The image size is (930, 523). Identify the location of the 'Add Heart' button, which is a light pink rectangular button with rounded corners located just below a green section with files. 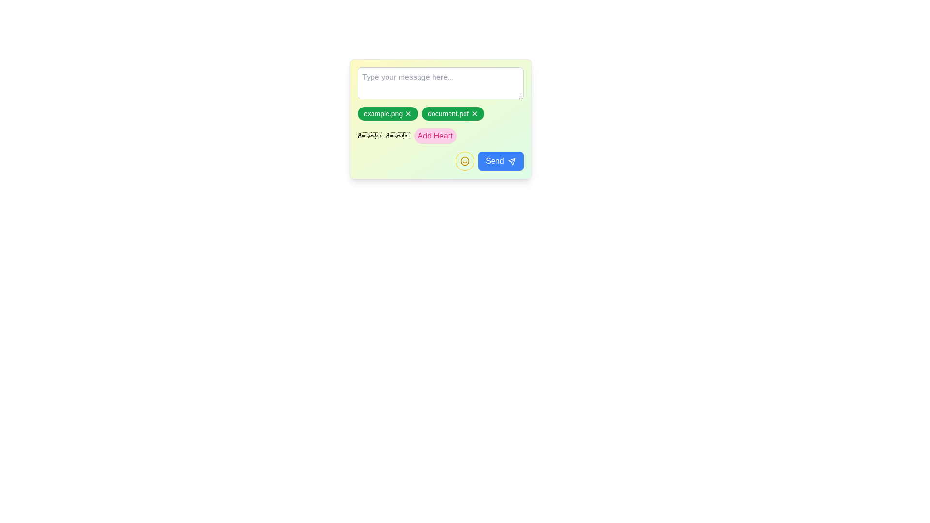
(434, 136).